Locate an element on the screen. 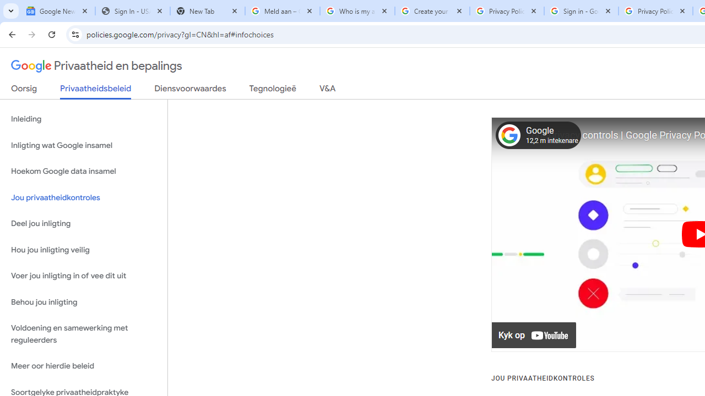 The height and width of the screenshot is (396, 705). 'Who is my administrator? - Google Account Help' is located at coordinates (357, 11).